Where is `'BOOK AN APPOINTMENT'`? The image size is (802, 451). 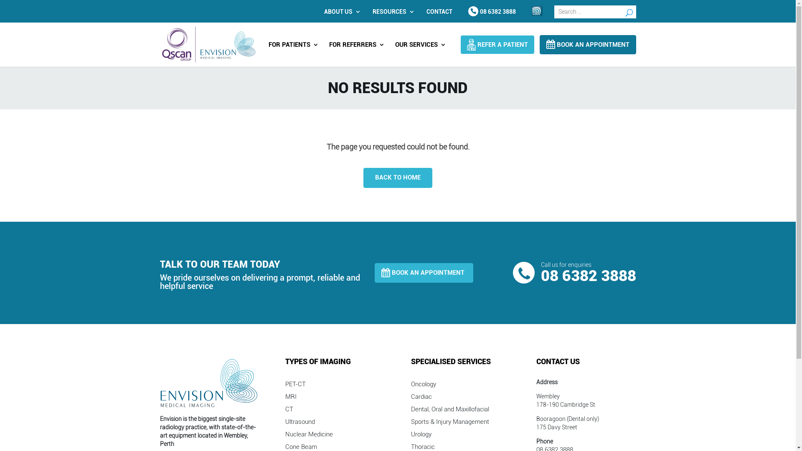
'BOOK AN APPOINTMENT' is located at coordinates (424, 273).